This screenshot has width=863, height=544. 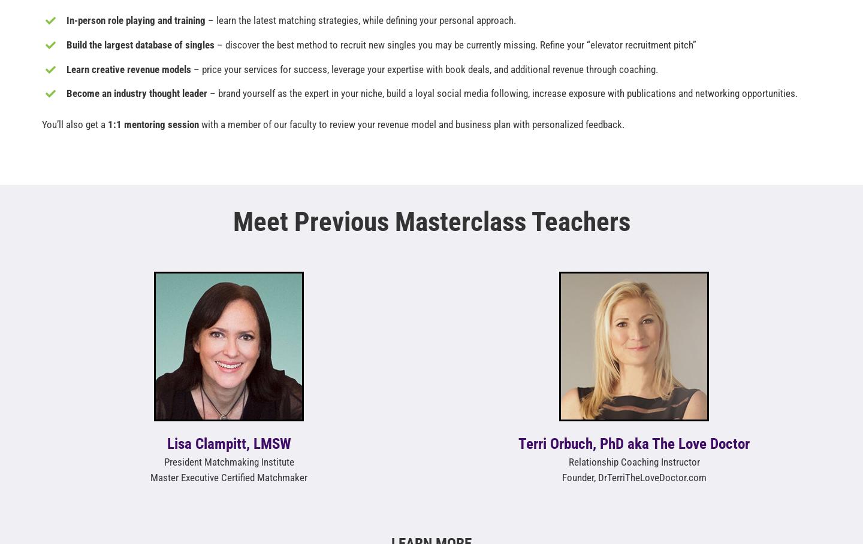 I want to click on 'Terri Orbuch, PhD aka The Love Doctor', so click(x=518, y=443).